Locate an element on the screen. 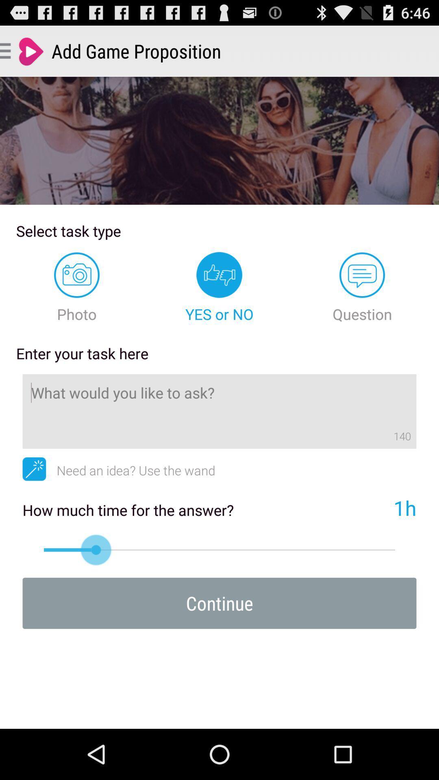 The image size is (439, 780). use the wand is located at coordinates (34, 469).